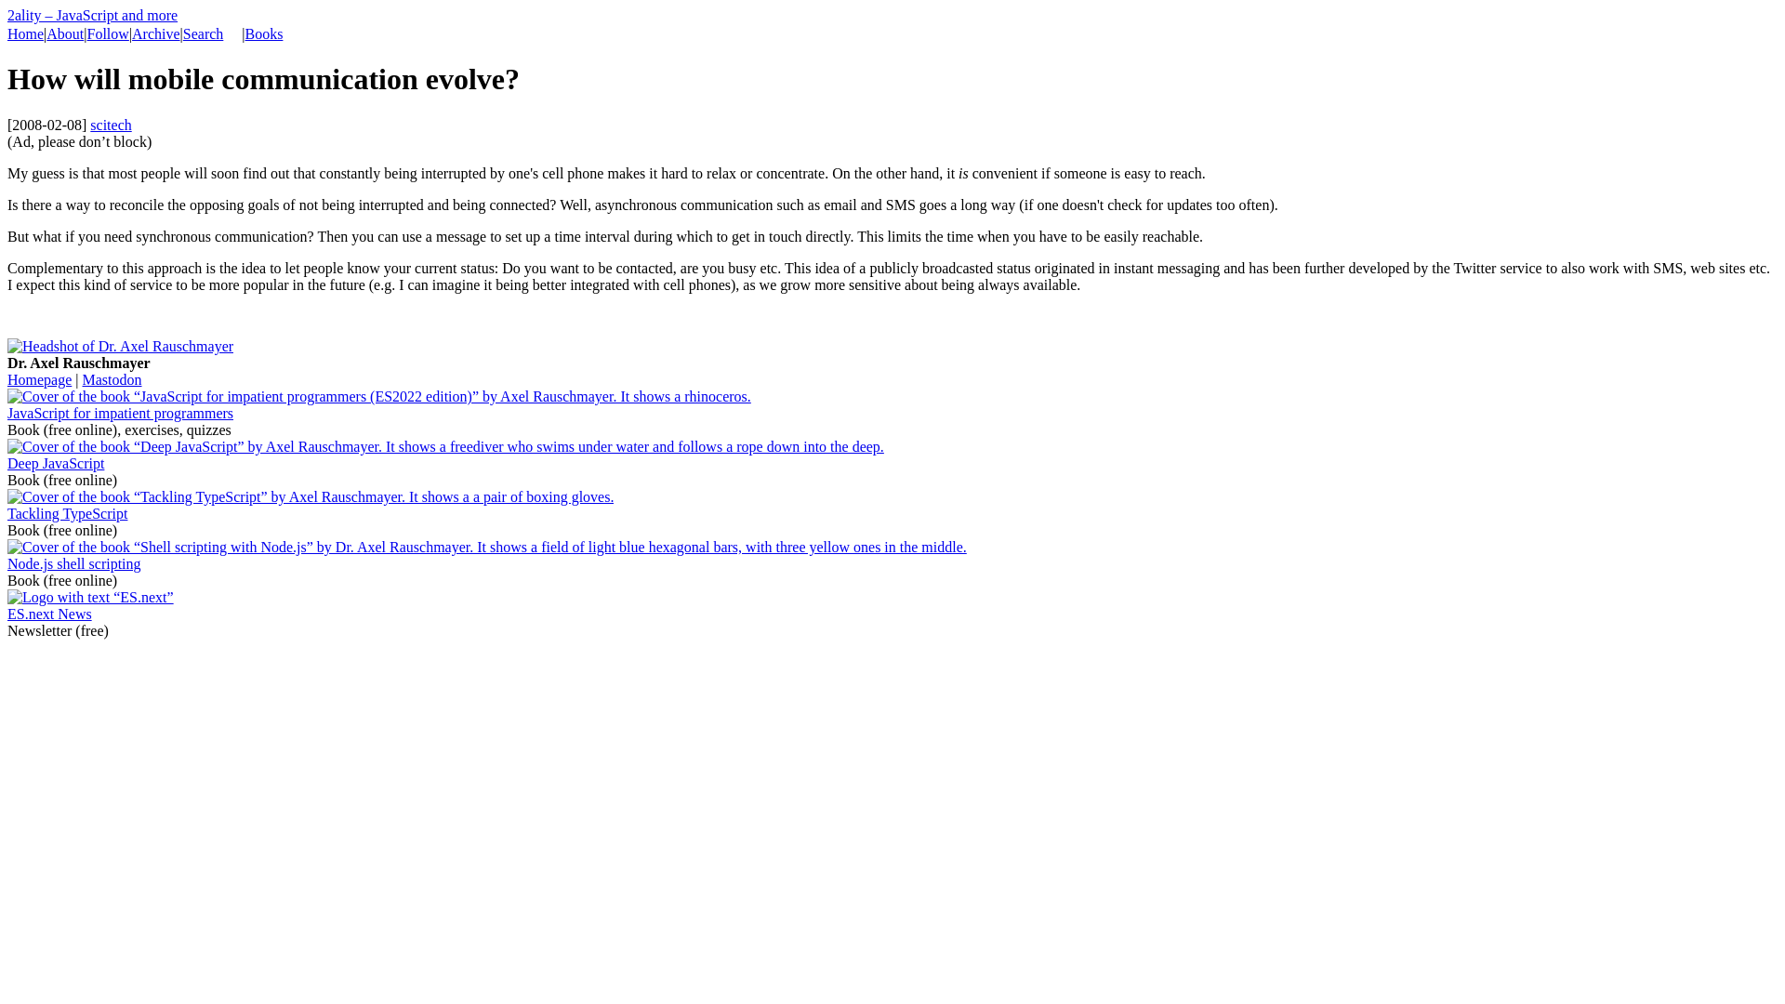 This screenshot has height=1004, width=1785. I want to click on 'Deep JavaScript', so click(55, 462).